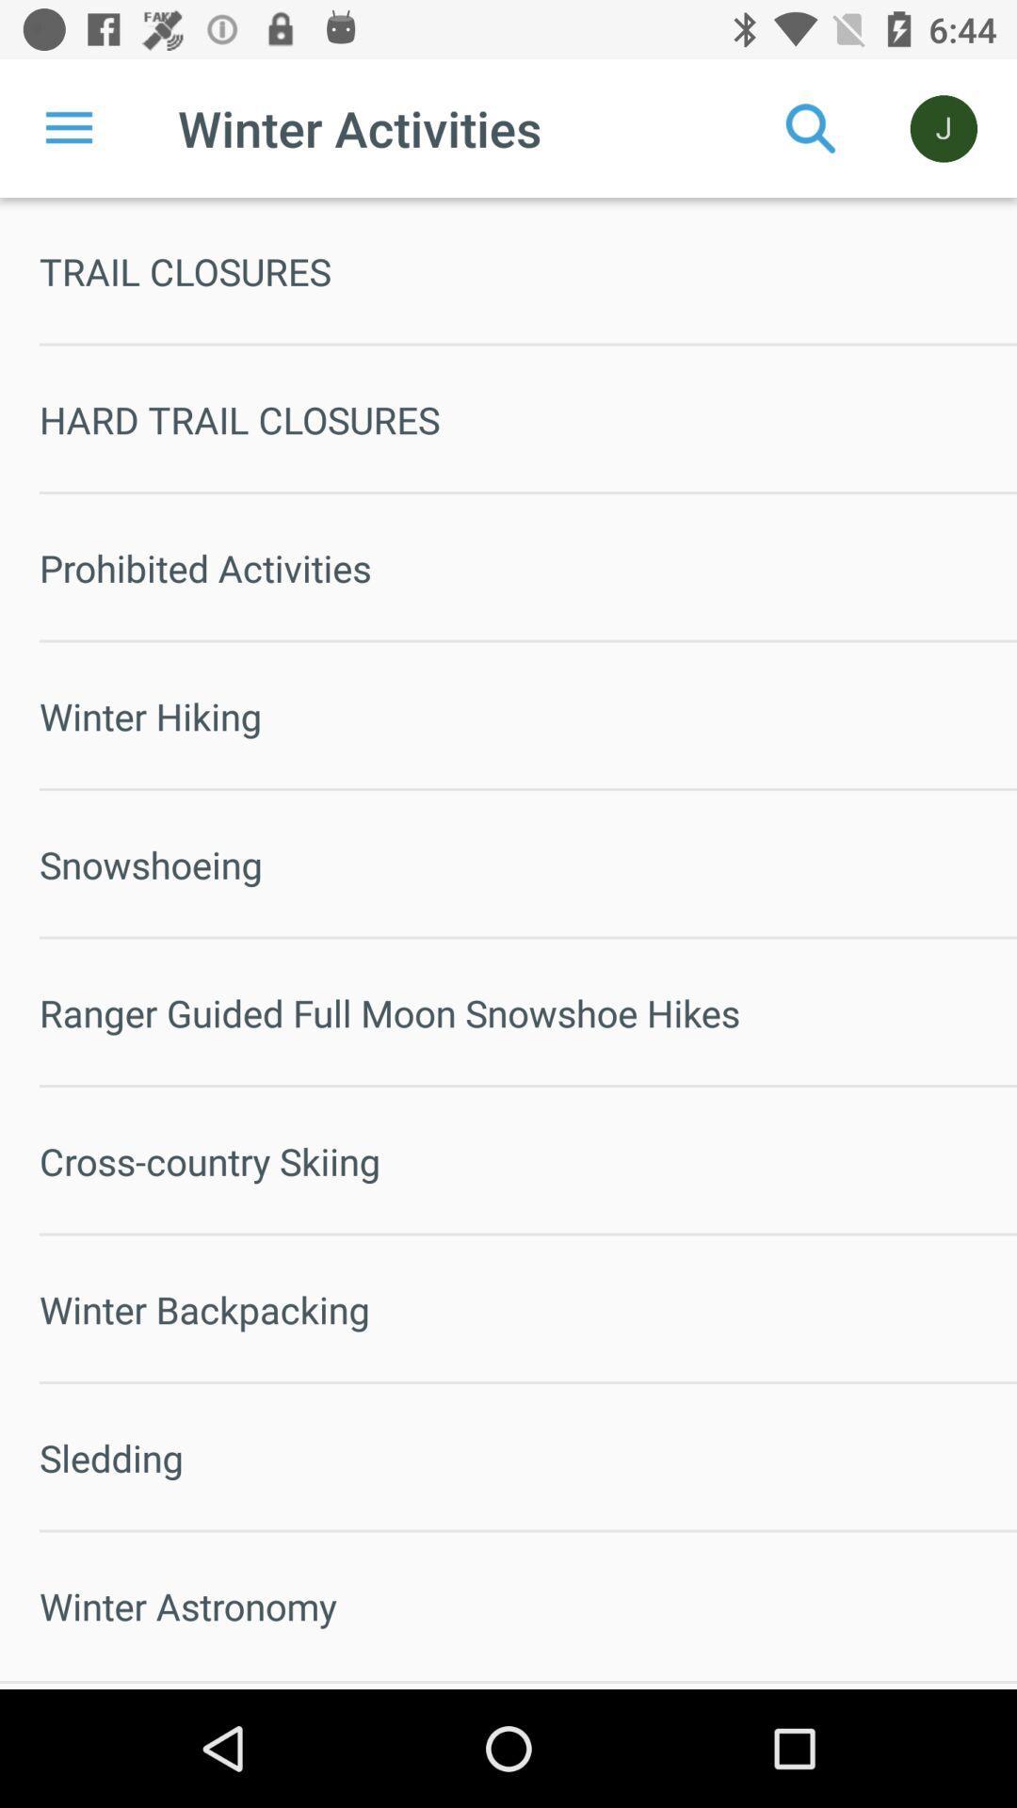 The width and height of the screenshot is (1017, 1808). What do you see at coordinates (810, 127) in the screenshot?
I see `icon above trail closures icon` at bounding box center [810, 127].